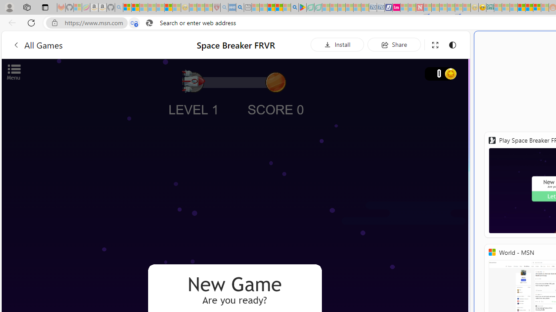 This screenshot has height=312, width=556. What do you see at coordinates (521, 7) in the screenshot?
I see `'Expert Portfolios'` at bounding box center [521, 7].